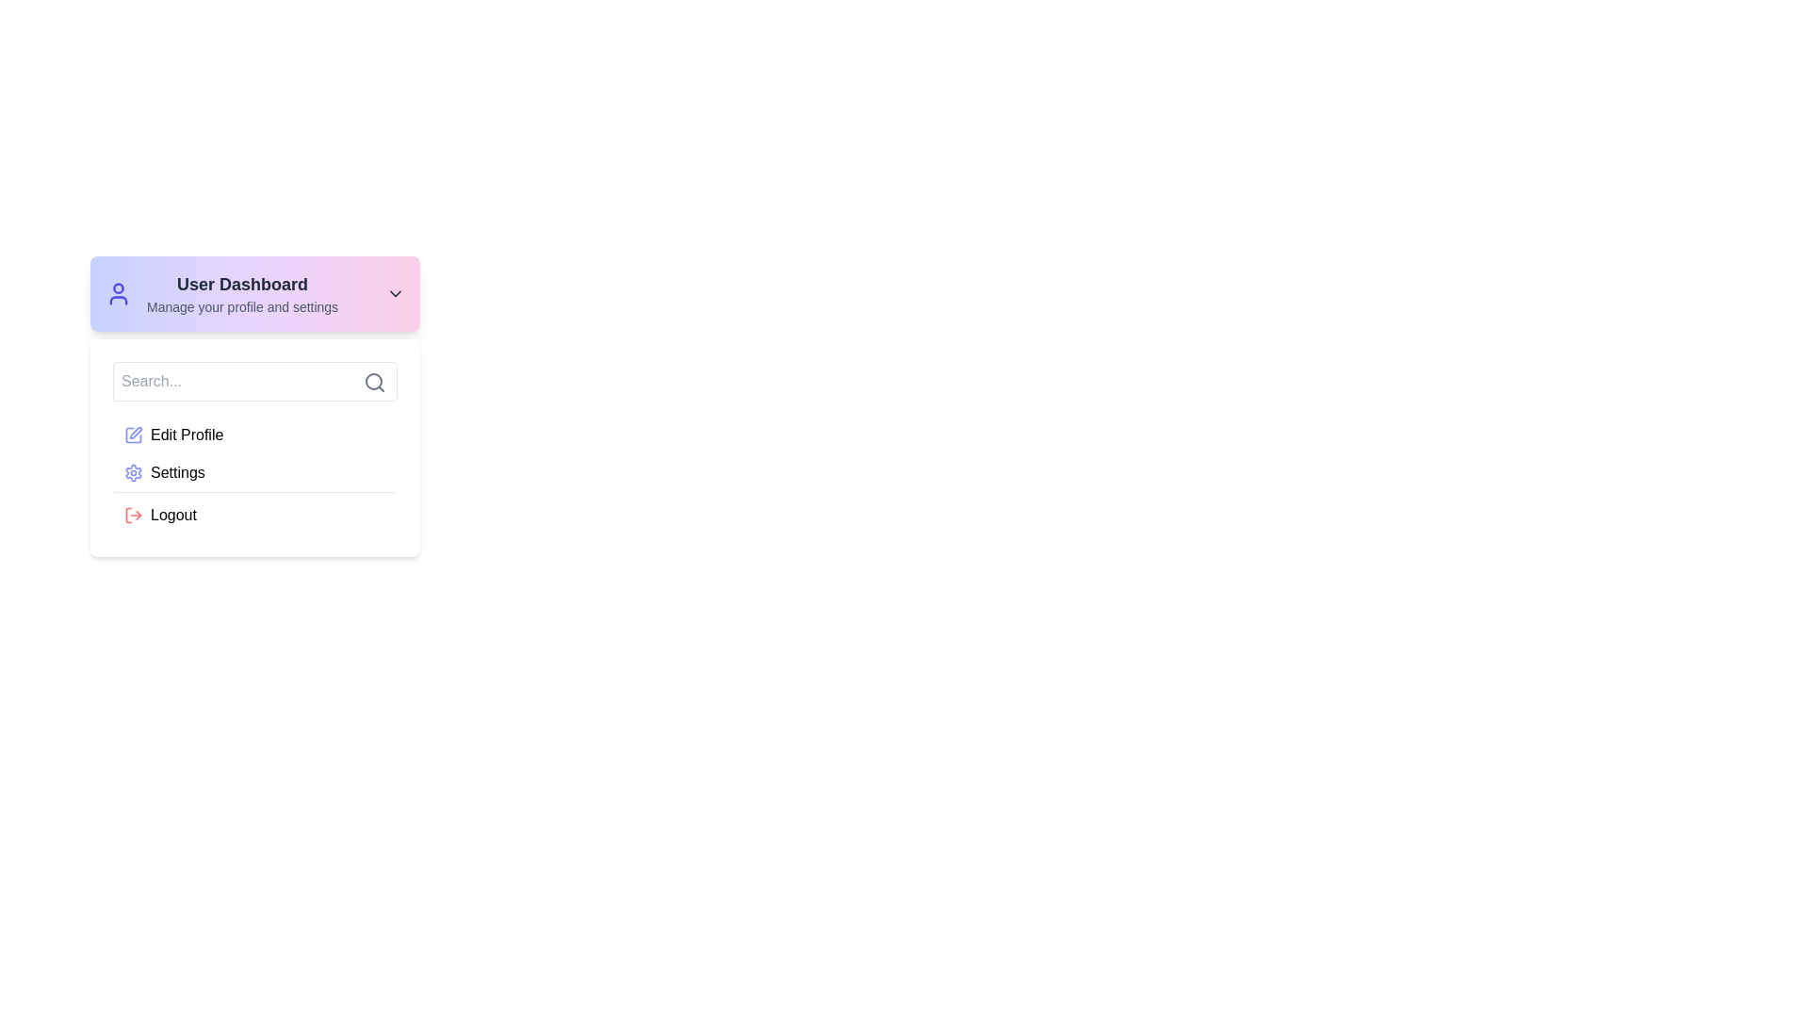  Describe the element at coordinates (117, 294) in the screenshot. I see `the user profile icon located adjacent to the 'User Dashboard' and 'Manage your profile and settings' text in the gradient-colored header` at that location.